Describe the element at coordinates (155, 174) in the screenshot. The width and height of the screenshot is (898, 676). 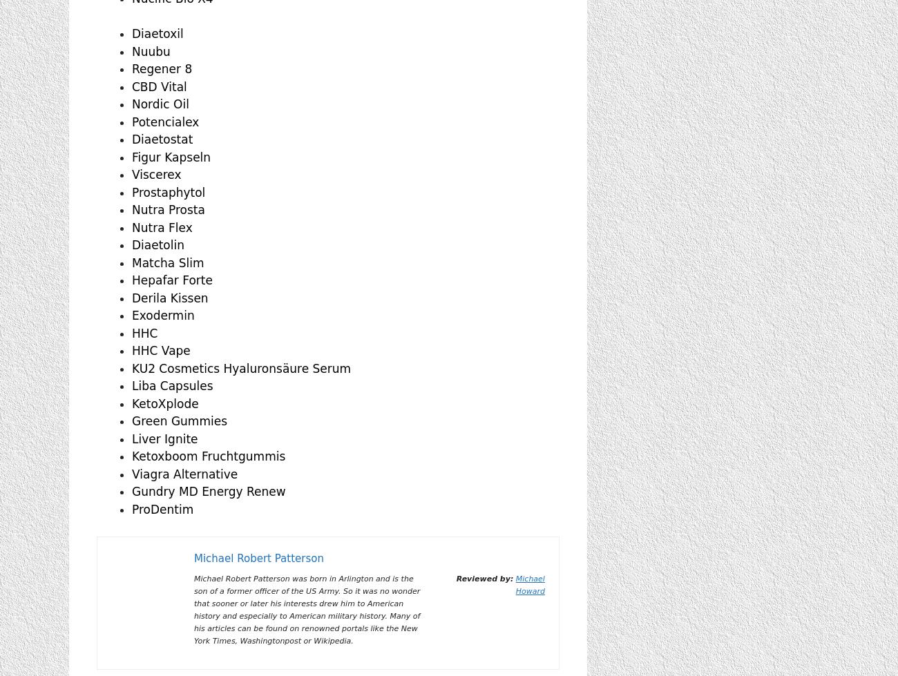
I see `'Viscerex'` at that location.